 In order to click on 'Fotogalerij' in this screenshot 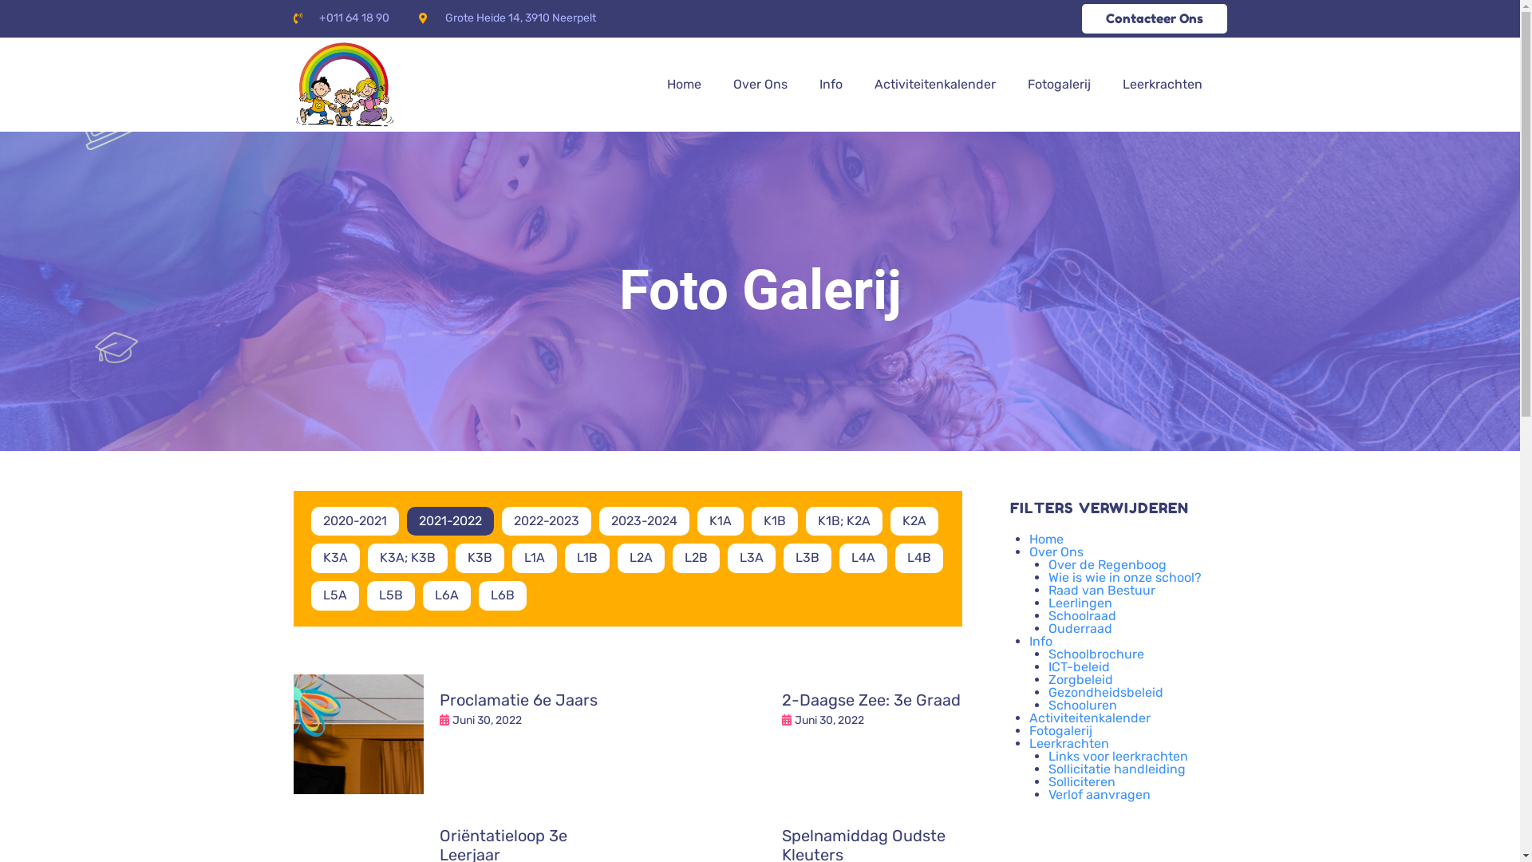, I will do `click(1060, 730)`.